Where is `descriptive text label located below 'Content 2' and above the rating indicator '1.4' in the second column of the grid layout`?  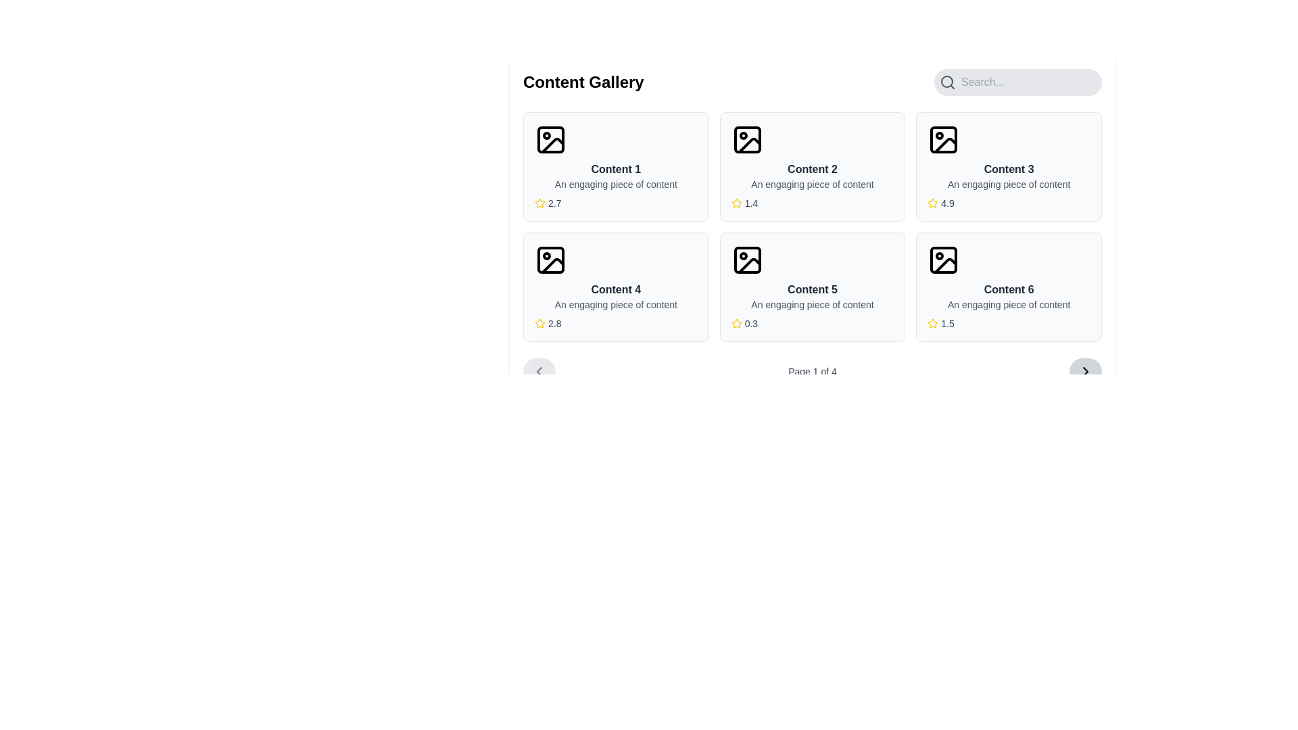
descriptive text label located below 'Content 2' and above the rating indicator '1.4' in the second column of the grid layout is located at coordinates (811, 185).